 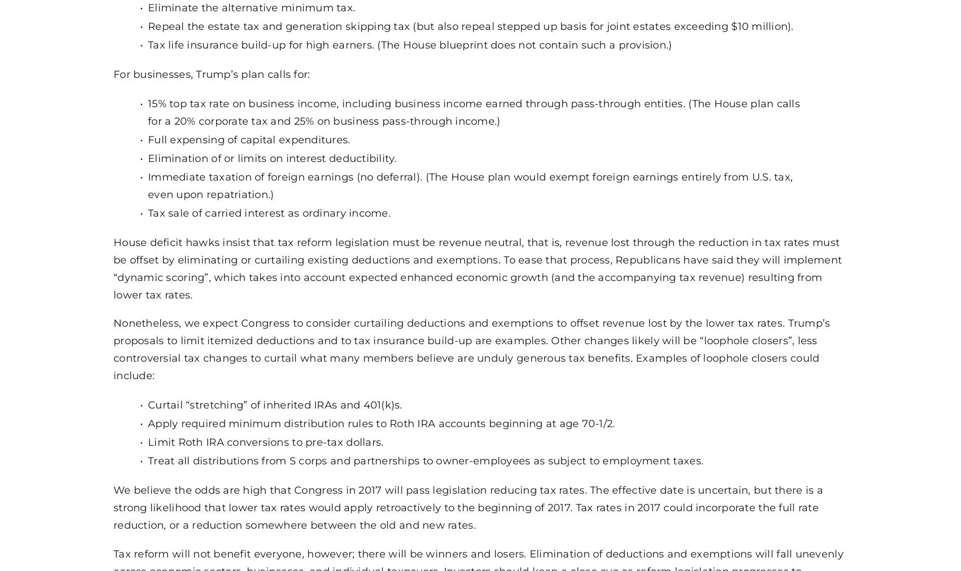 What do you see at coordinates (113, 73) in the screenshot?
I see `'For businesses, Trump’s plan calls for:'` at bounding box center [113, 73].